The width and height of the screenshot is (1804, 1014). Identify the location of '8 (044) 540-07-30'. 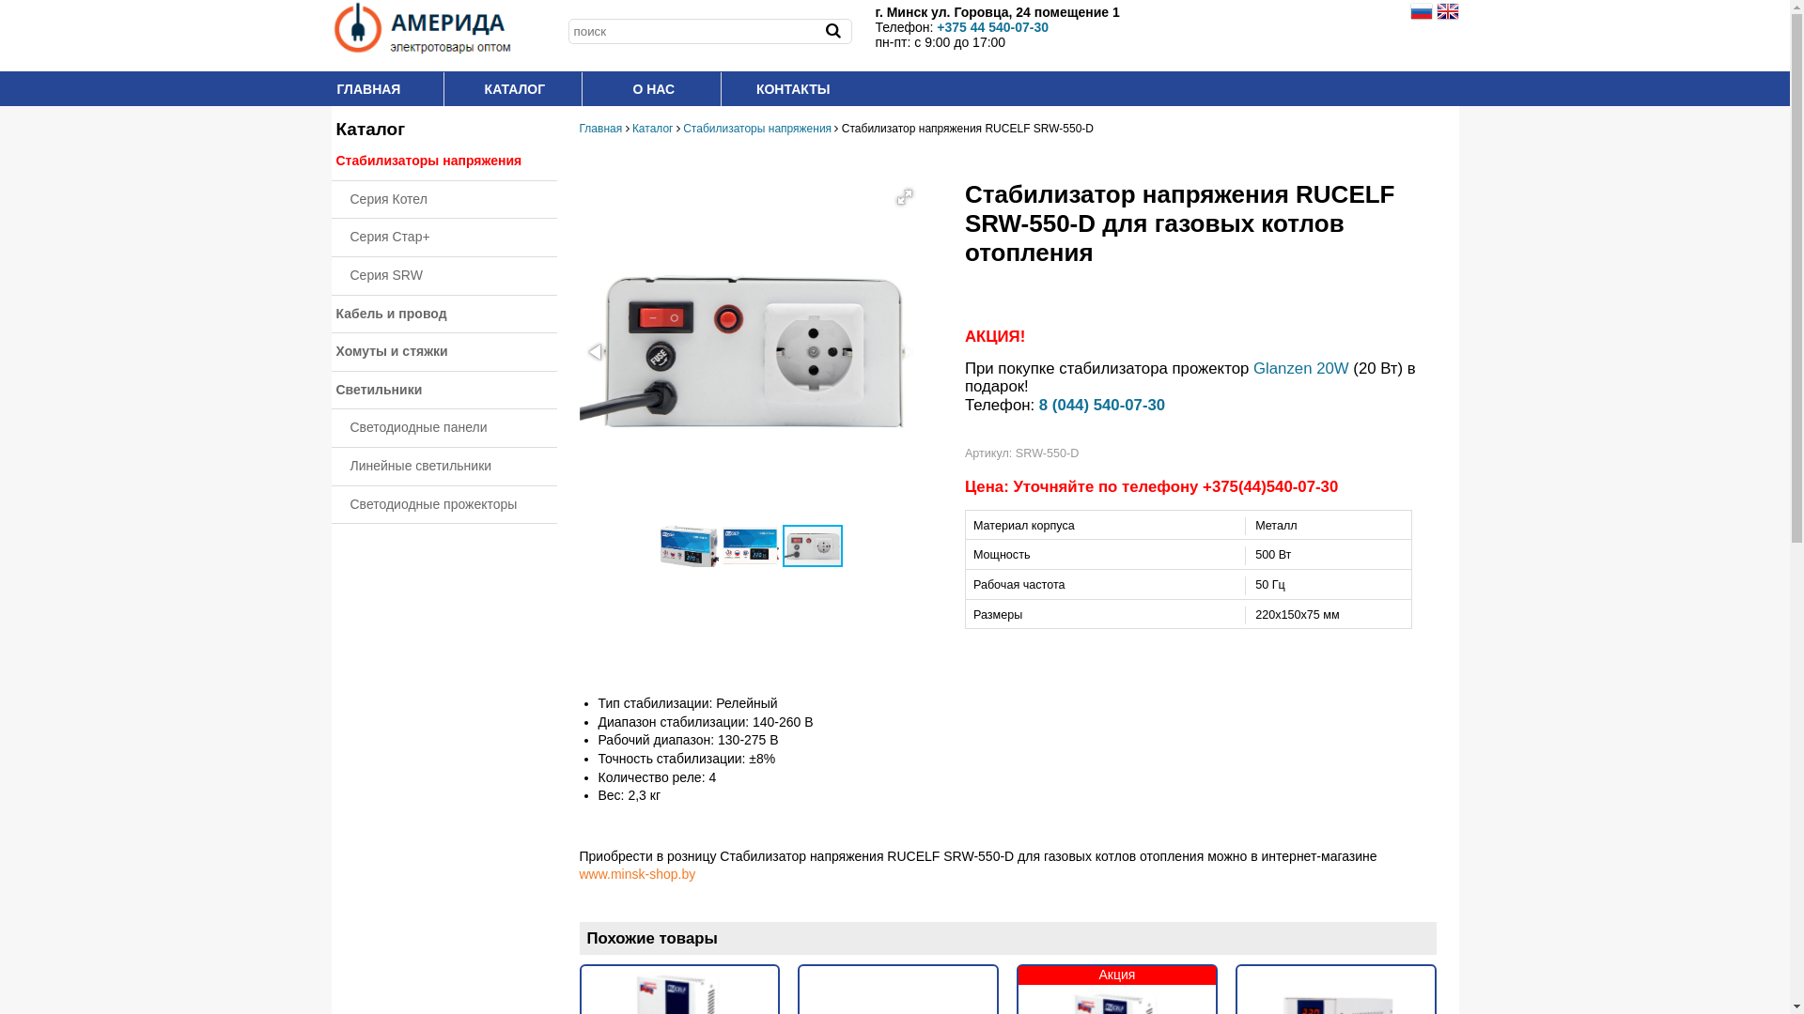
(1101, 404).